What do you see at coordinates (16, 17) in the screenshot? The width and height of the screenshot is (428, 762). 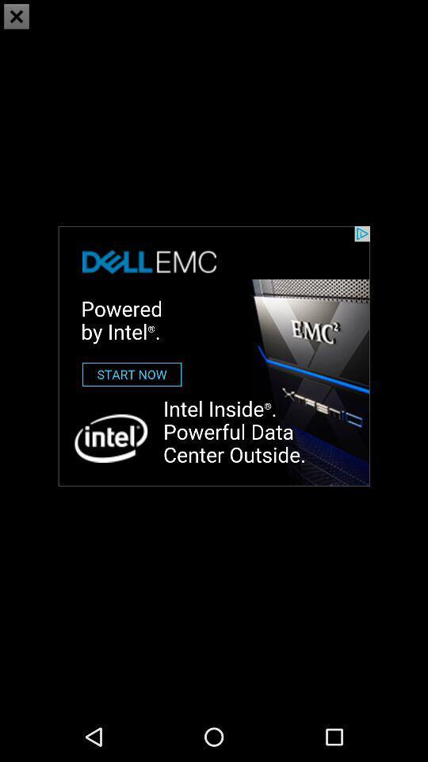 I see `the close icon` at bounding box center [16, 17].